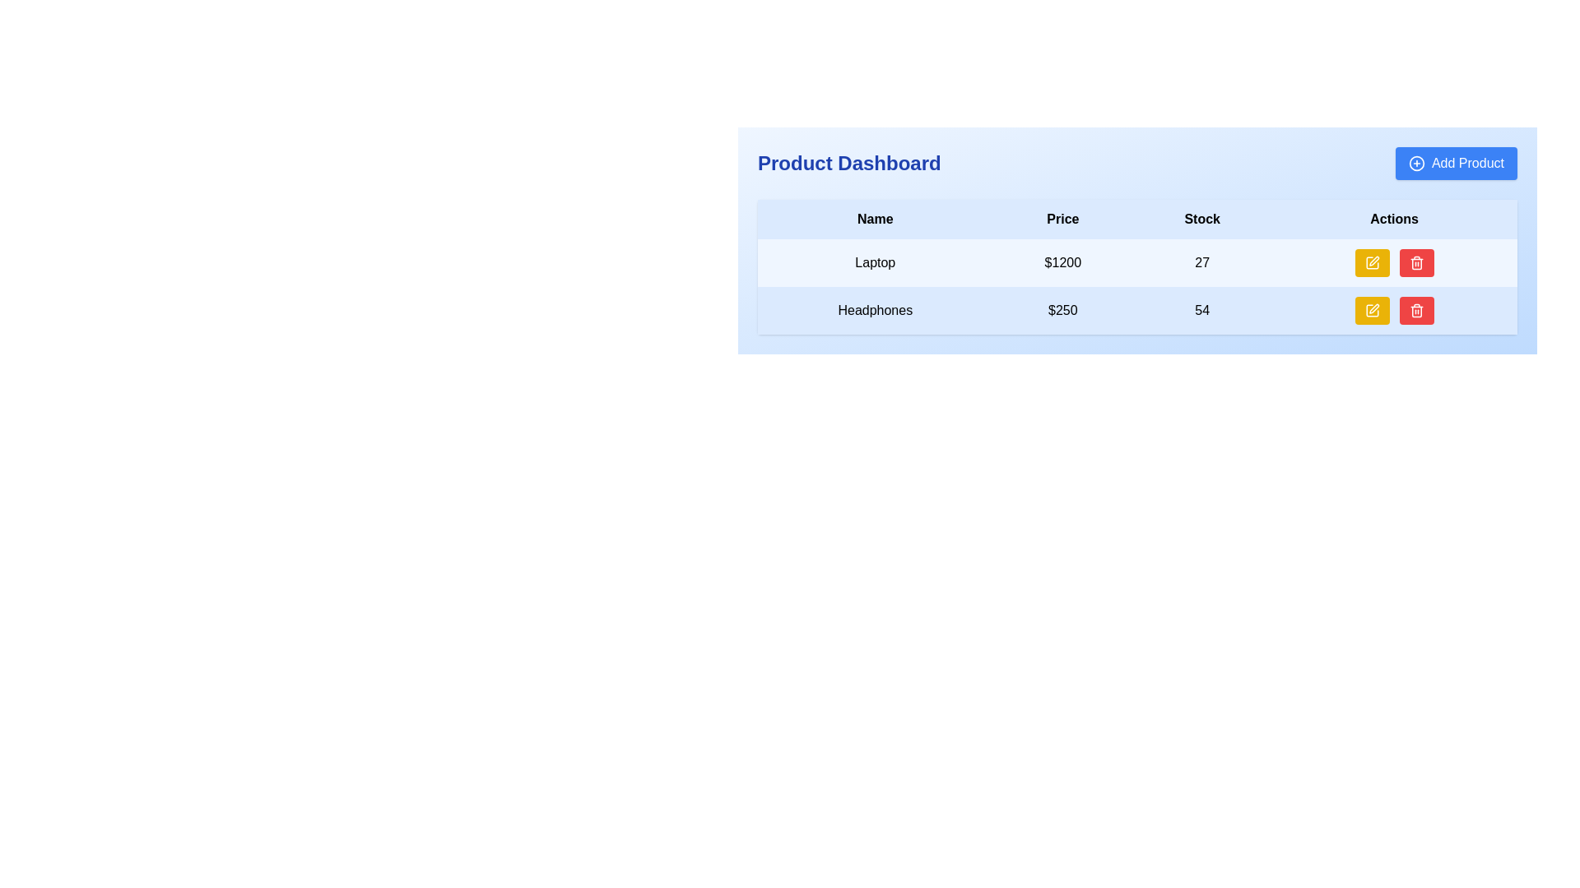 Image resolution: width=1580 pixels, height=888 pixels. Describe the element at coordinates (1372, 262) in the screenshot. I see `the outlined square-shaped icon with rounded corners in the 'Actions' column of the row for the 'Laptop' product` at that location.